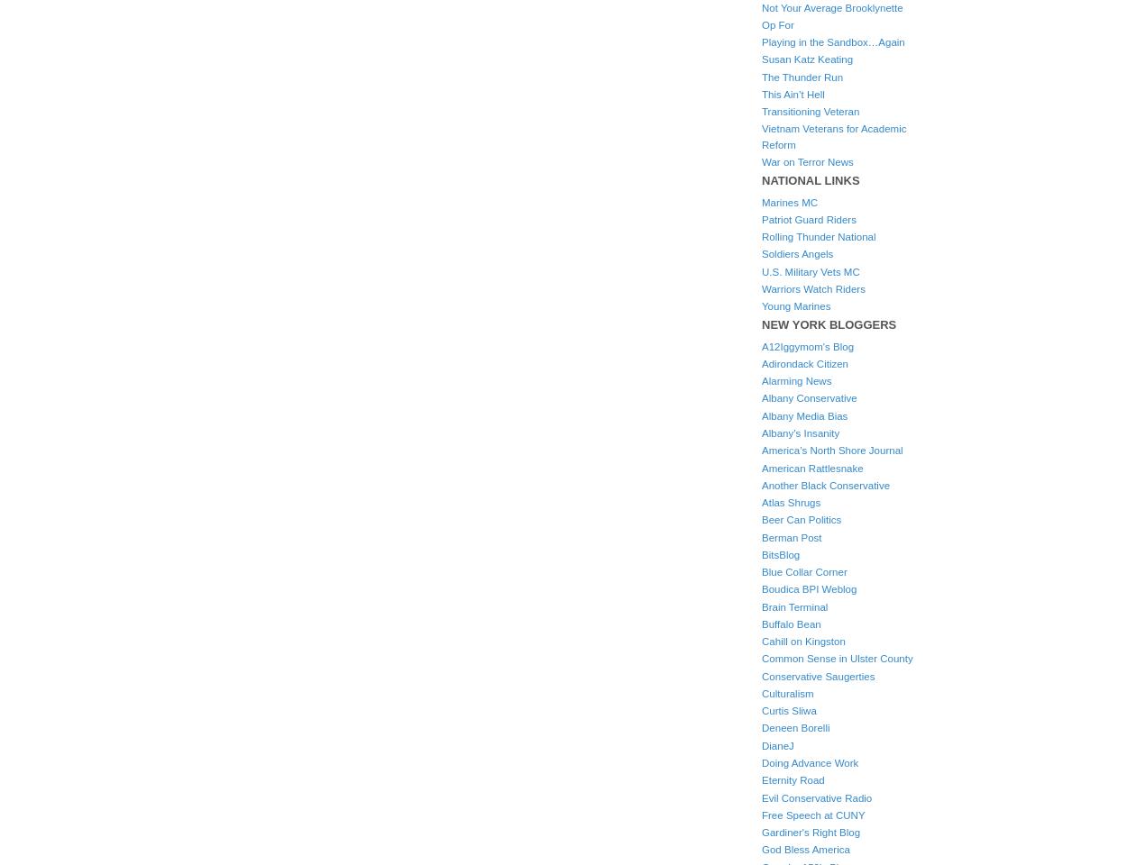 The width and height of the screenshot is (1127, 865). I want to click on 'Transitioning Veteran', so click(810, 111).